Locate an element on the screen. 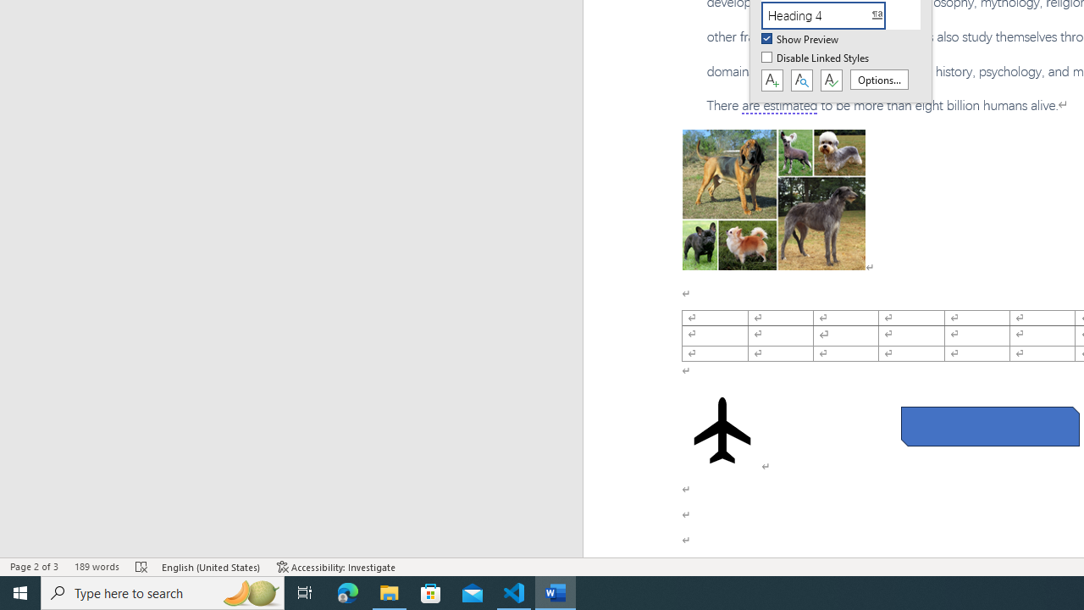 This screenshot has width=1084, height=610. 'Spelling and Grammar Check Errors' is located at coordinates (142, 567).